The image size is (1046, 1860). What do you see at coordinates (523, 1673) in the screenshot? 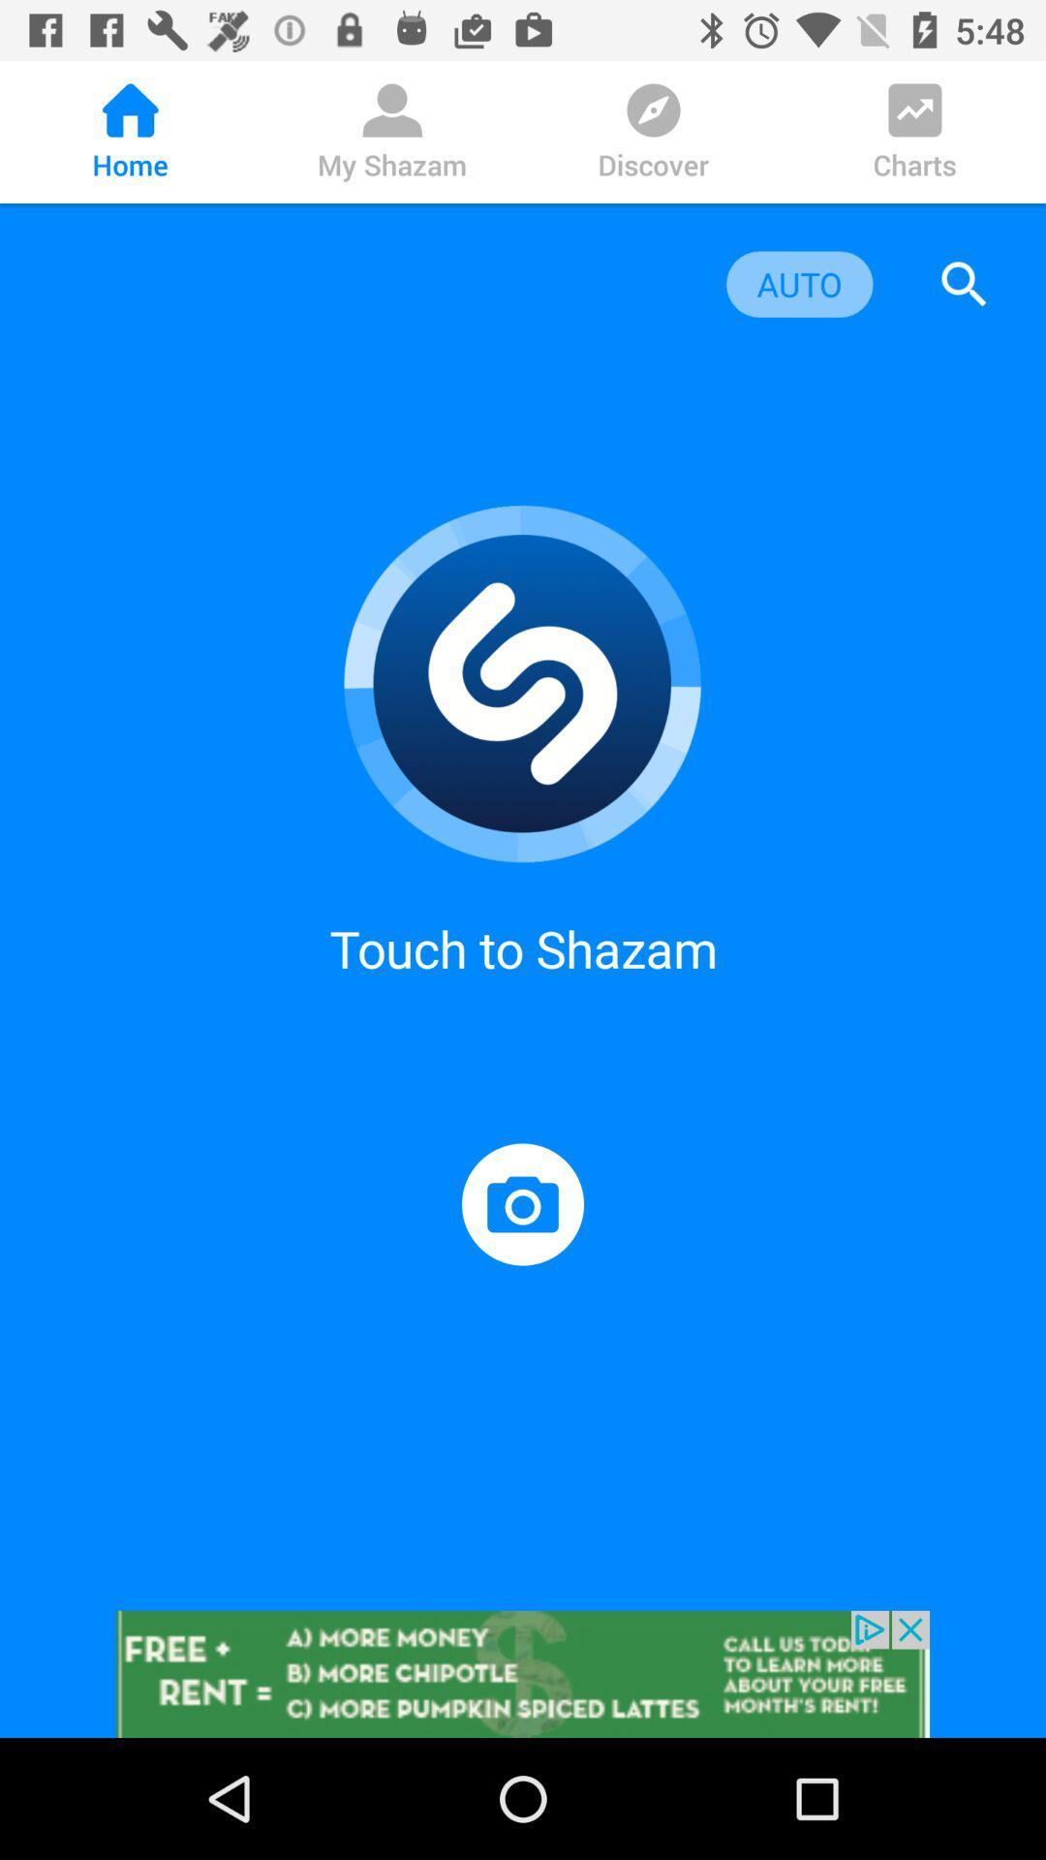
I see `click on the advertisement` at bounding box center [523, 1673].